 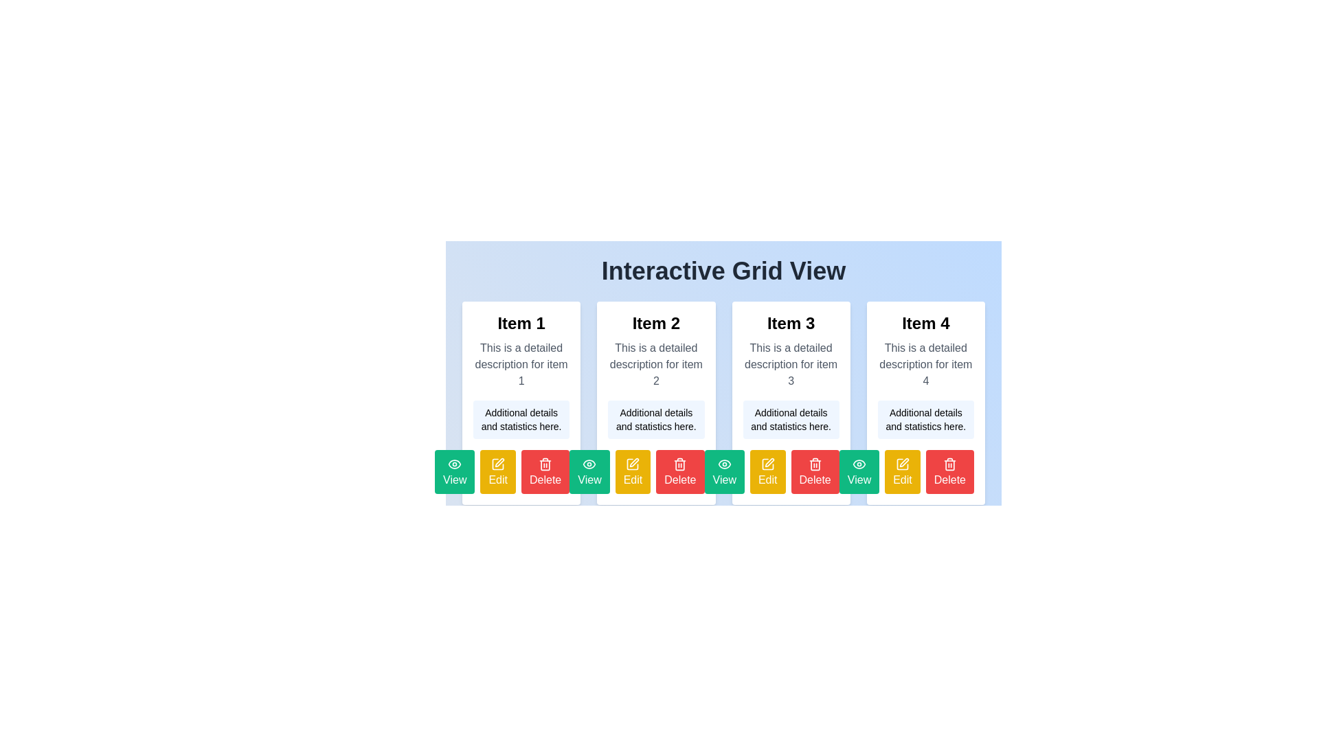 What do you see at coordinates (723, 464) in the screenshot?
I see `the icon within the 'View' button located below 'Item 3'` at bounding box center [723, 464].